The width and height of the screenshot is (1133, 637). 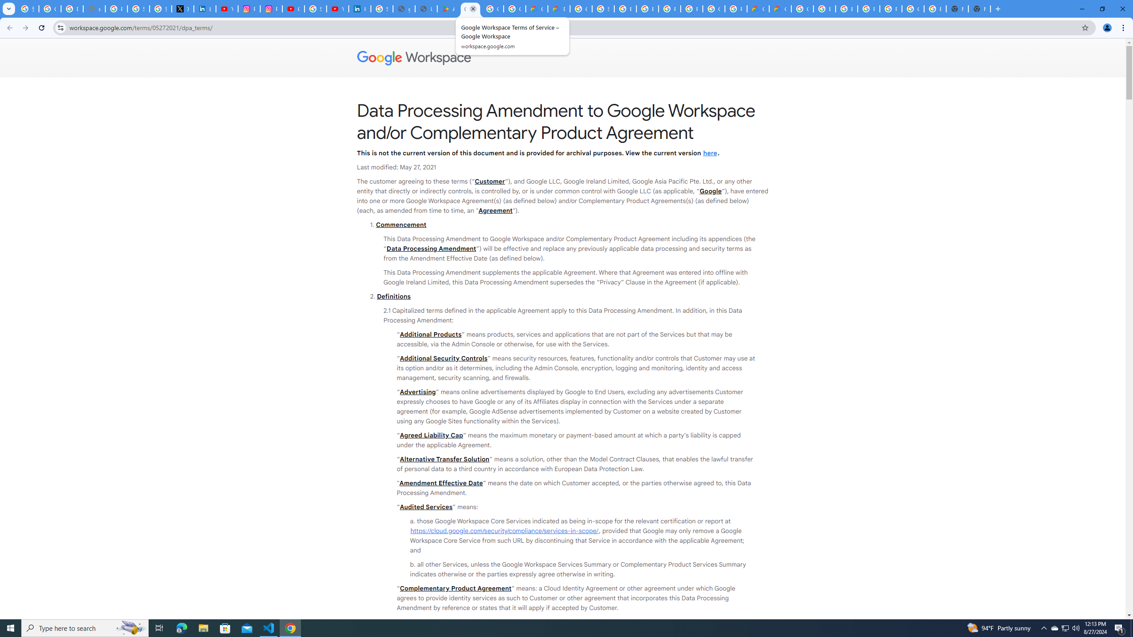 What do you see at coordinates (536, 8) in the screenshot?
I see `'Customer Care | Google Cloud'` at bounding box center [536, 8].